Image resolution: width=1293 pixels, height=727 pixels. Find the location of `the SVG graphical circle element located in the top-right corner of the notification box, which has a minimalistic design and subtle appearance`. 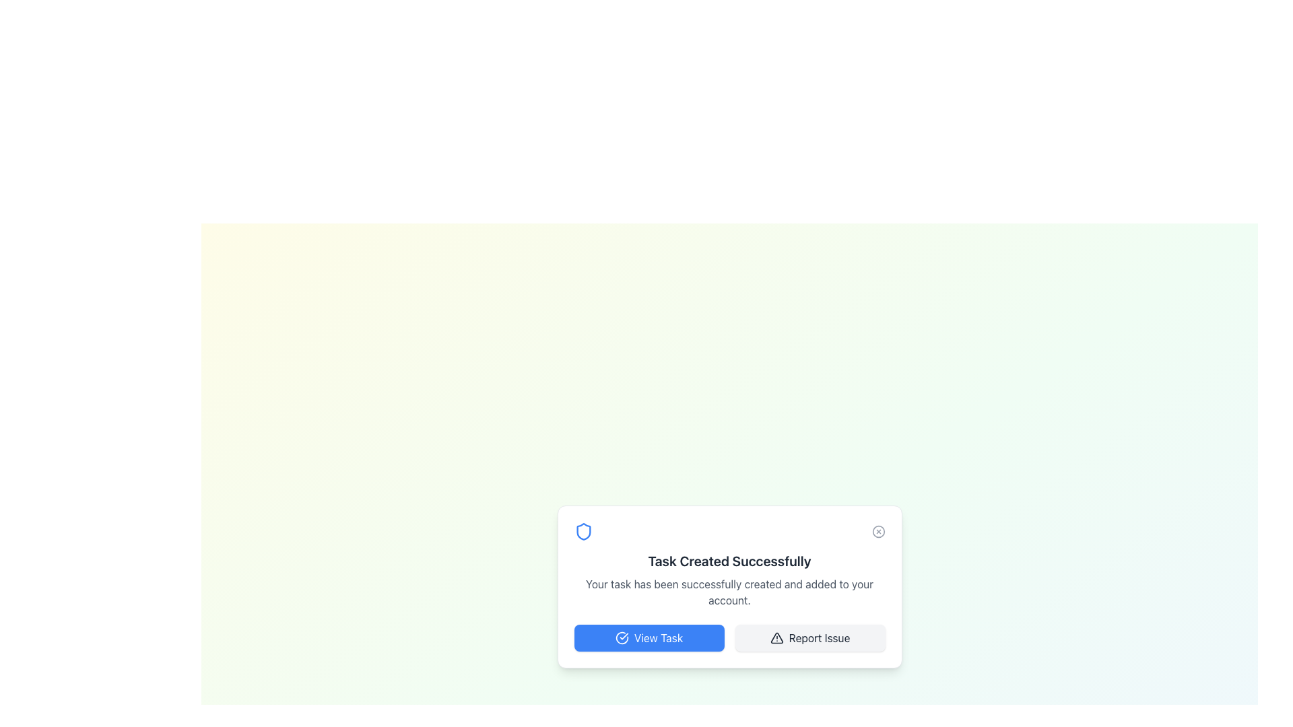

the SVG graphical circle element located in the top-right corner of the notification box, which has a minimalistic design and subtle appearance is located at coordinates (878, 531).